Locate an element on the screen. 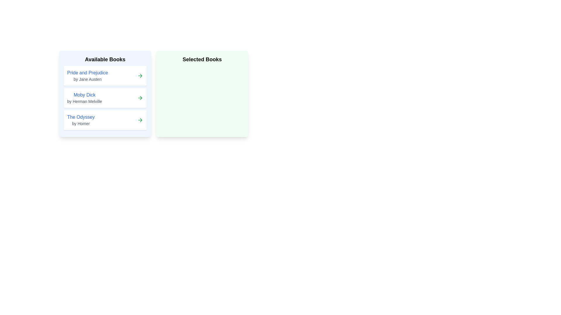  book title displayed in blue font as 'The Odyssey', which is the third title in the 'Available Books' list, located below 'Moby Dick' is located at coordinates (81, 117).